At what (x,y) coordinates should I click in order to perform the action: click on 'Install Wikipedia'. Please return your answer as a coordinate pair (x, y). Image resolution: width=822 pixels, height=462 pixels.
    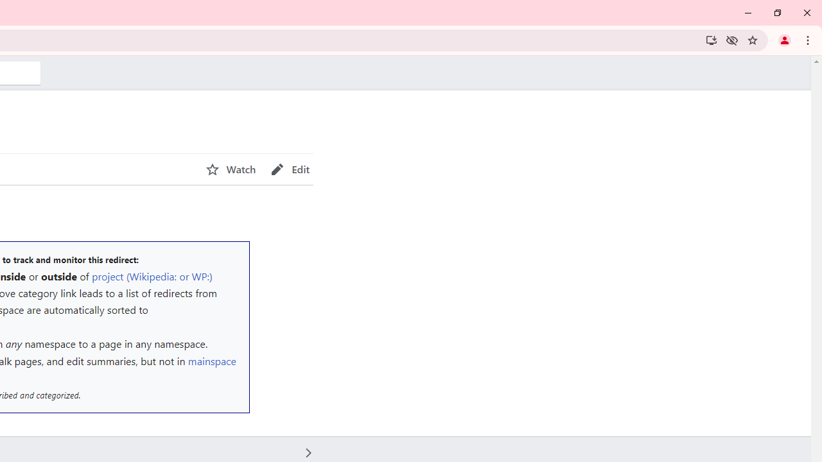
    Looking at the image, I should click on (710, 39).